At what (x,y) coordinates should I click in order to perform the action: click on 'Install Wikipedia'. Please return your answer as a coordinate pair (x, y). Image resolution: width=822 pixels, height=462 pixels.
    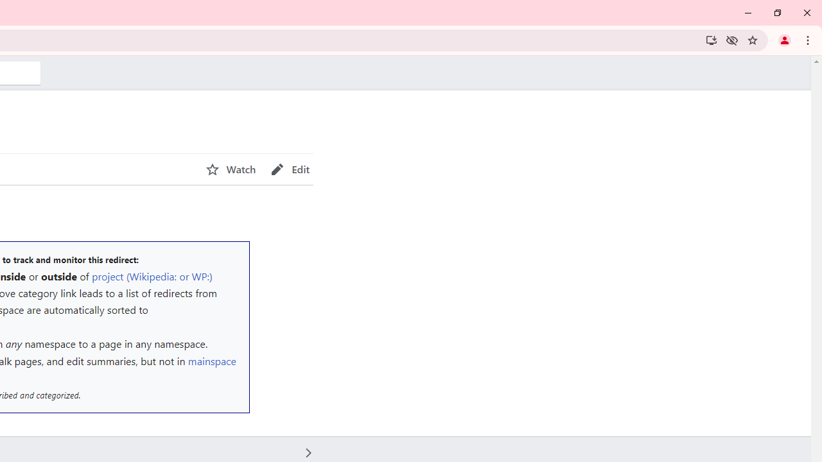
    Looking at the image, I should click on (710, 39).